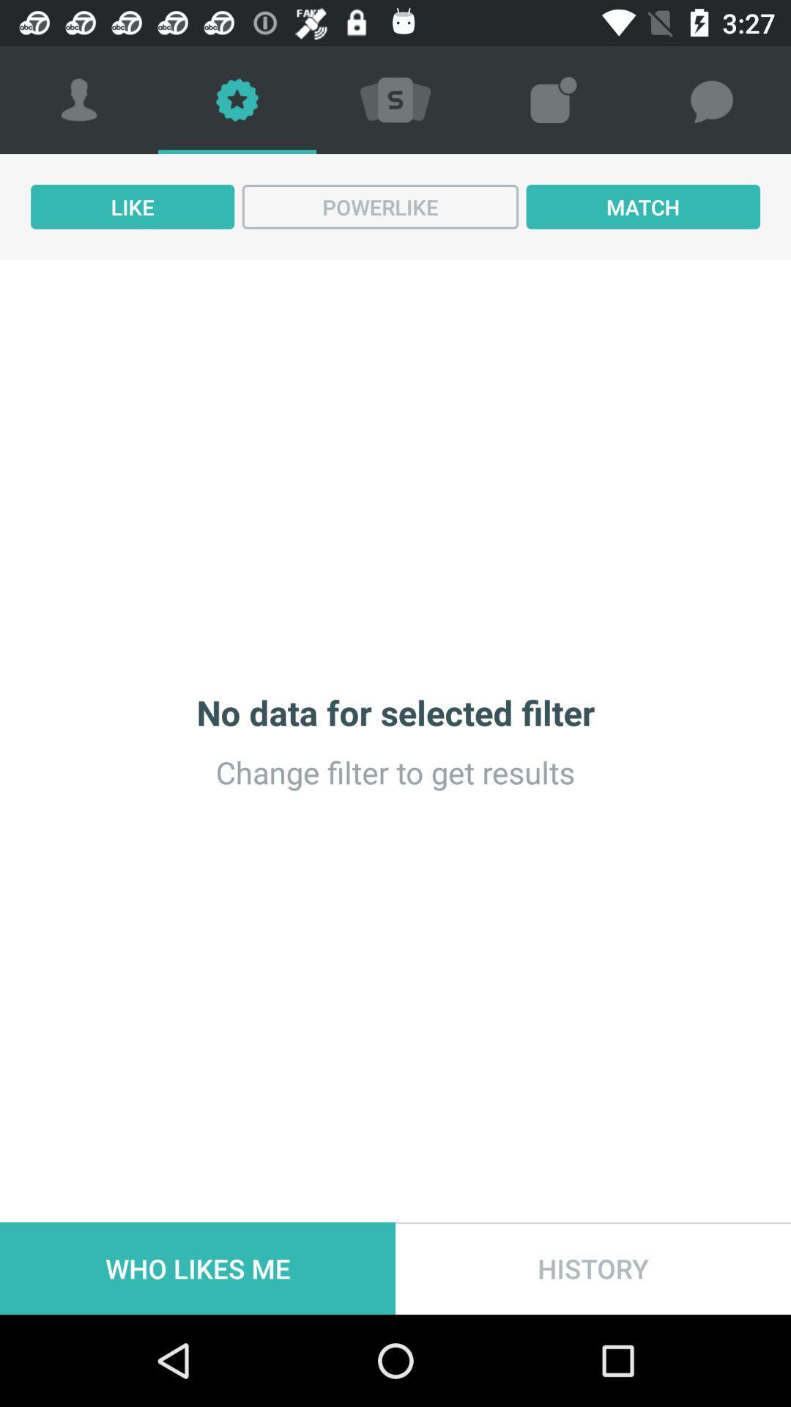 Image resolution: width=791 pixels, height=1407 pixels. Describe the element at coordinates (593, 1268) in the screenshot. I see `the icon next to who likes me icon` at that location.